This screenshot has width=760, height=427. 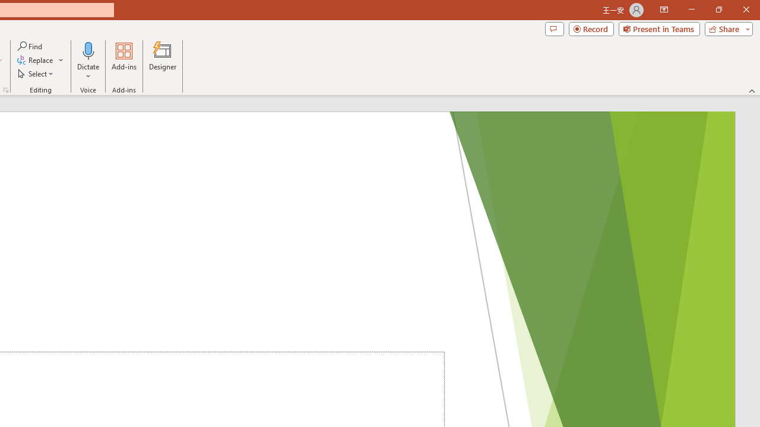 What do you see at coordinates (718, 9) in the screenshot?
I see `'Restore Down'` at bounding box center [718, 9].